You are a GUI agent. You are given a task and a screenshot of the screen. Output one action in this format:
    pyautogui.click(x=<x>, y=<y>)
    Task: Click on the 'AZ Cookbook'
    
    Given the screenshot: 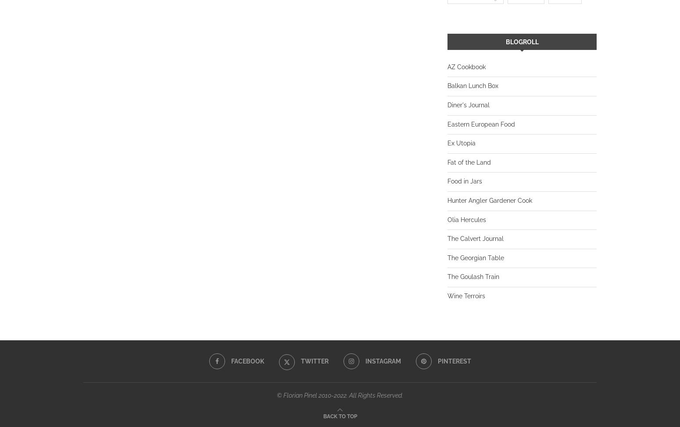 What is the action you would take?
    pyautogui.click(x=466, y=66)
    